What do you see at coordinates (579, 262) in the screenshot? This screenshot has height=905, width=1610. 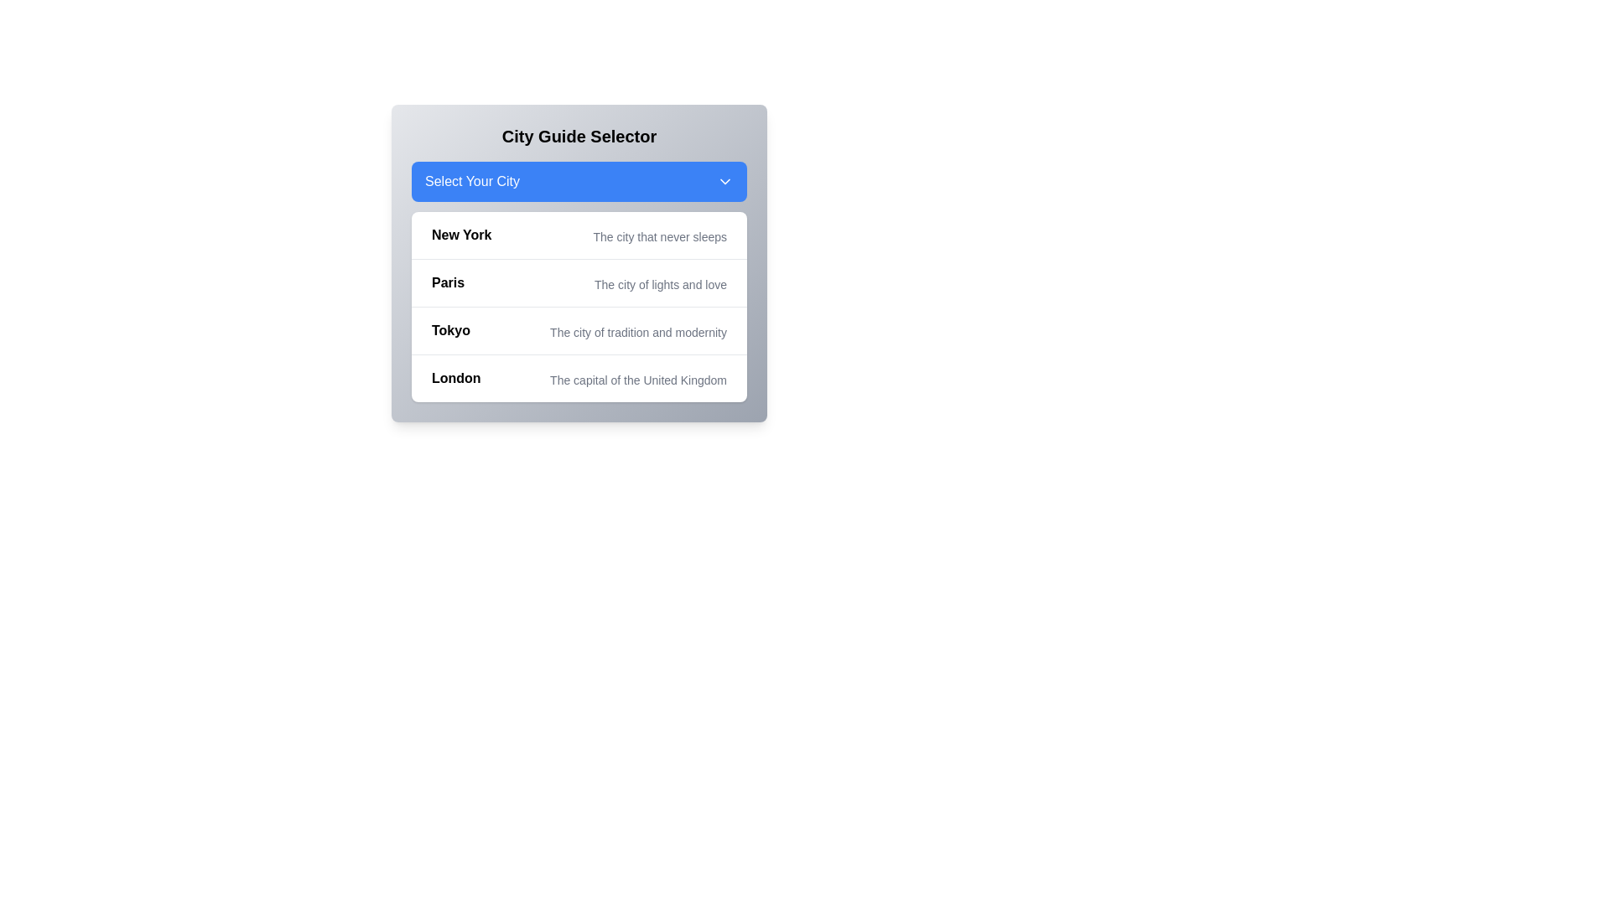 I see `the city name in the dropdown menu to trigger a visual effect` at bounding box center [579, 262].